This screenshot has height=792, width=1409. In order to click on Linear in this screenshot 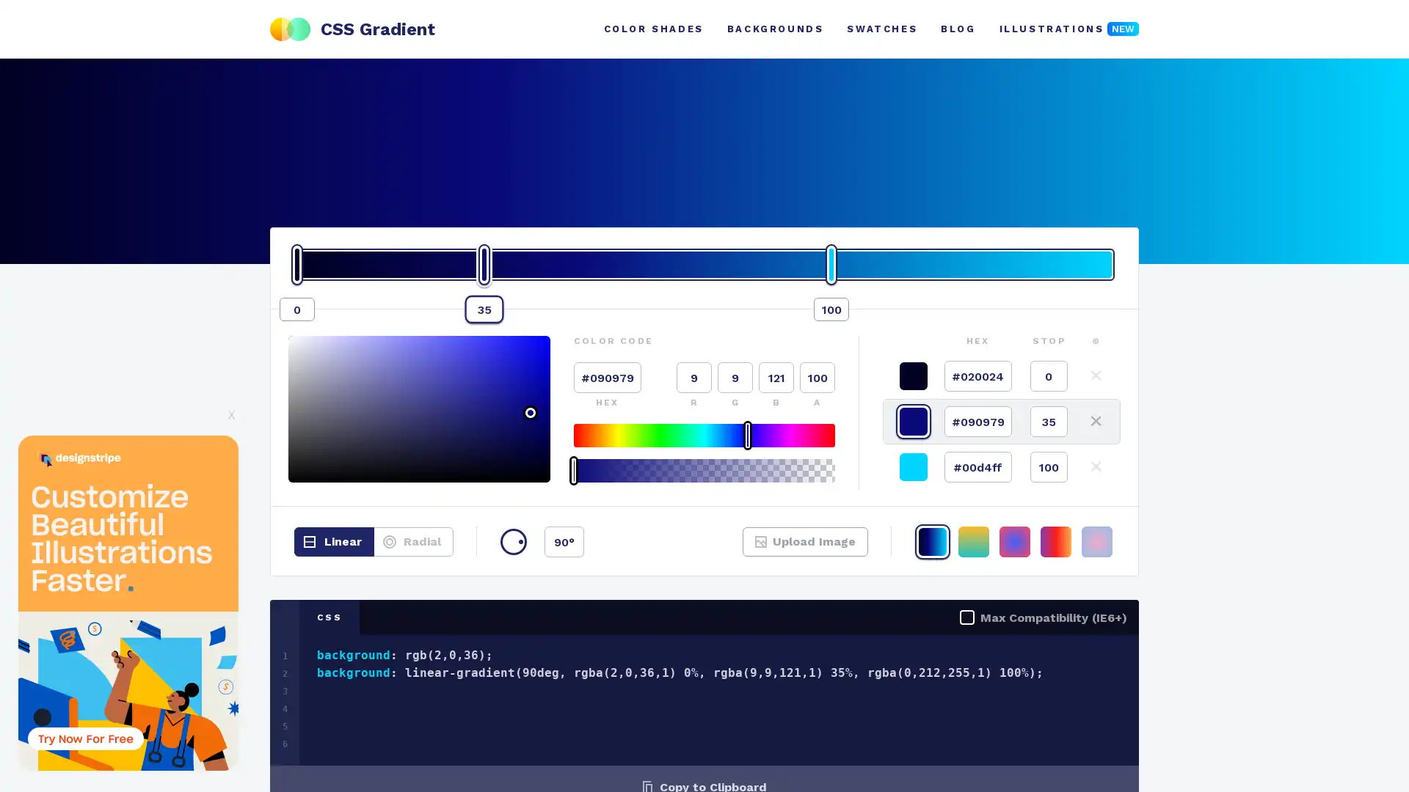, I will do `click(333, 542)`.